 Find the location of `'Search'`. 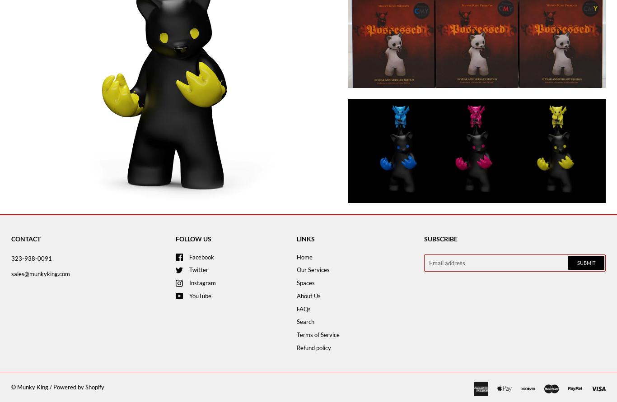

'Search' is located at coordinates (296, 321).